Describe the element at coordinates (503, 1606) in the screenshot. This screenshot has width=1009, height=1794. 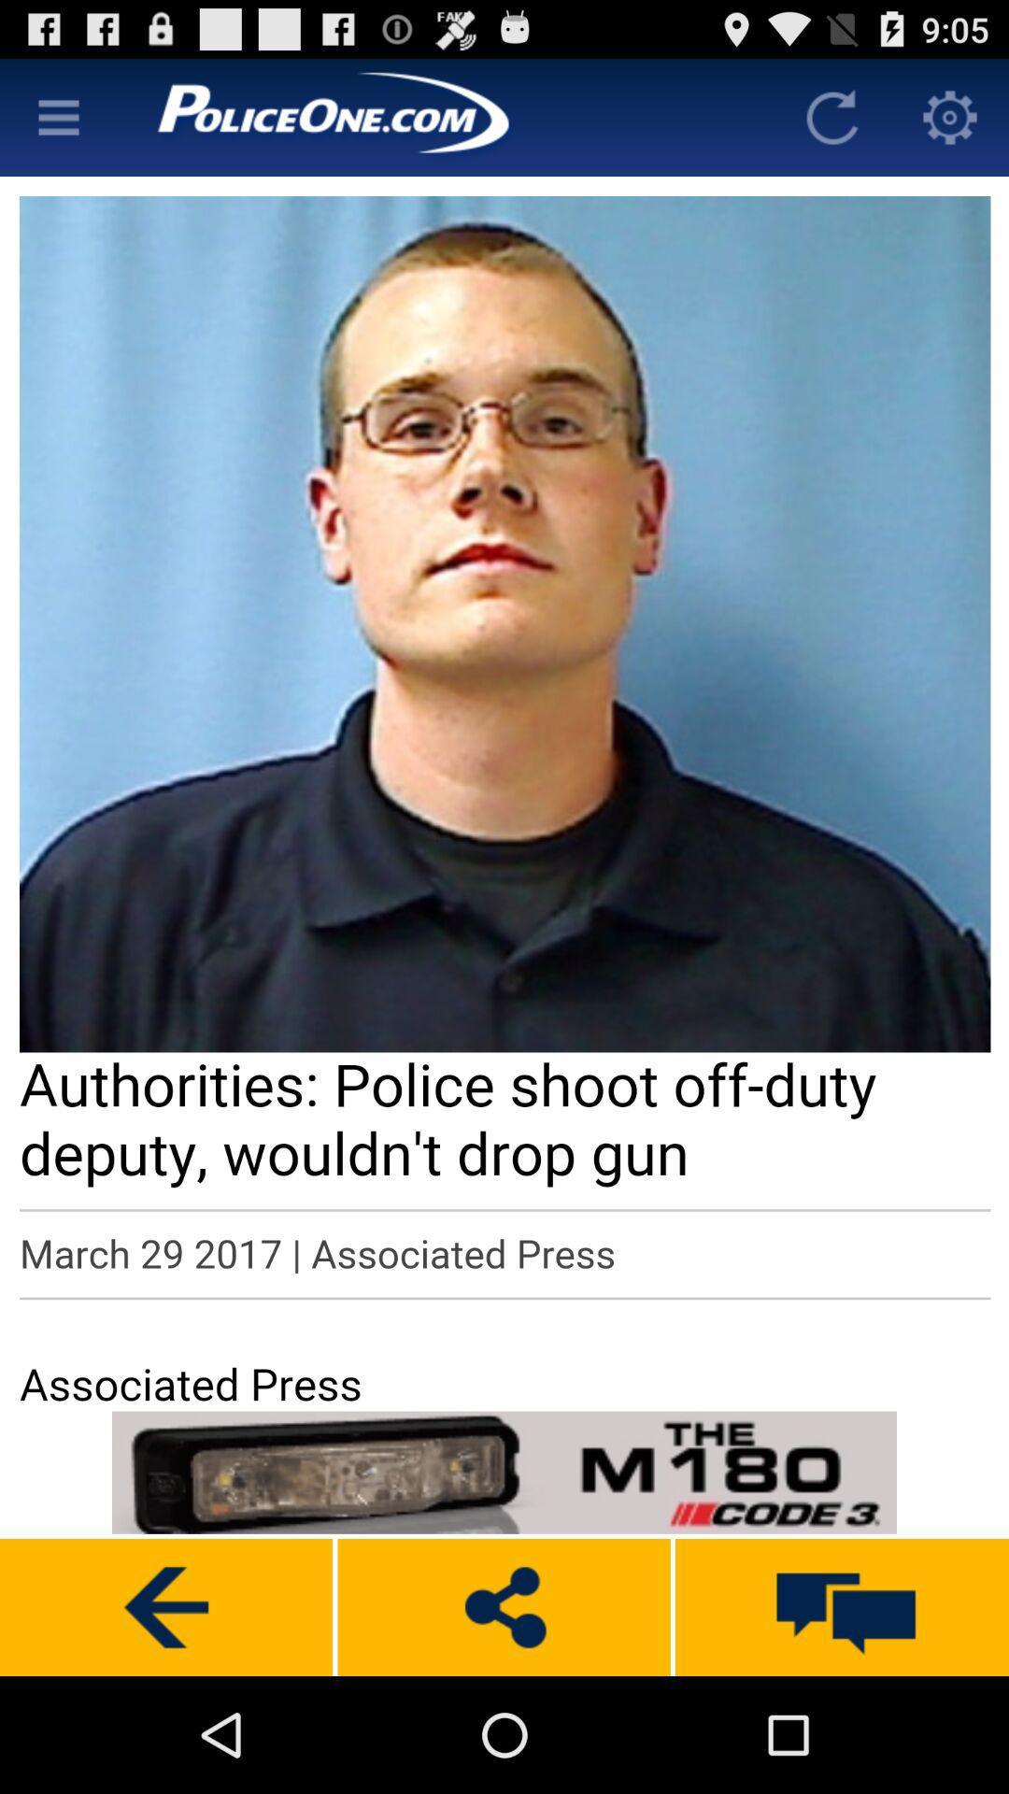
I see `share the content` at that location.